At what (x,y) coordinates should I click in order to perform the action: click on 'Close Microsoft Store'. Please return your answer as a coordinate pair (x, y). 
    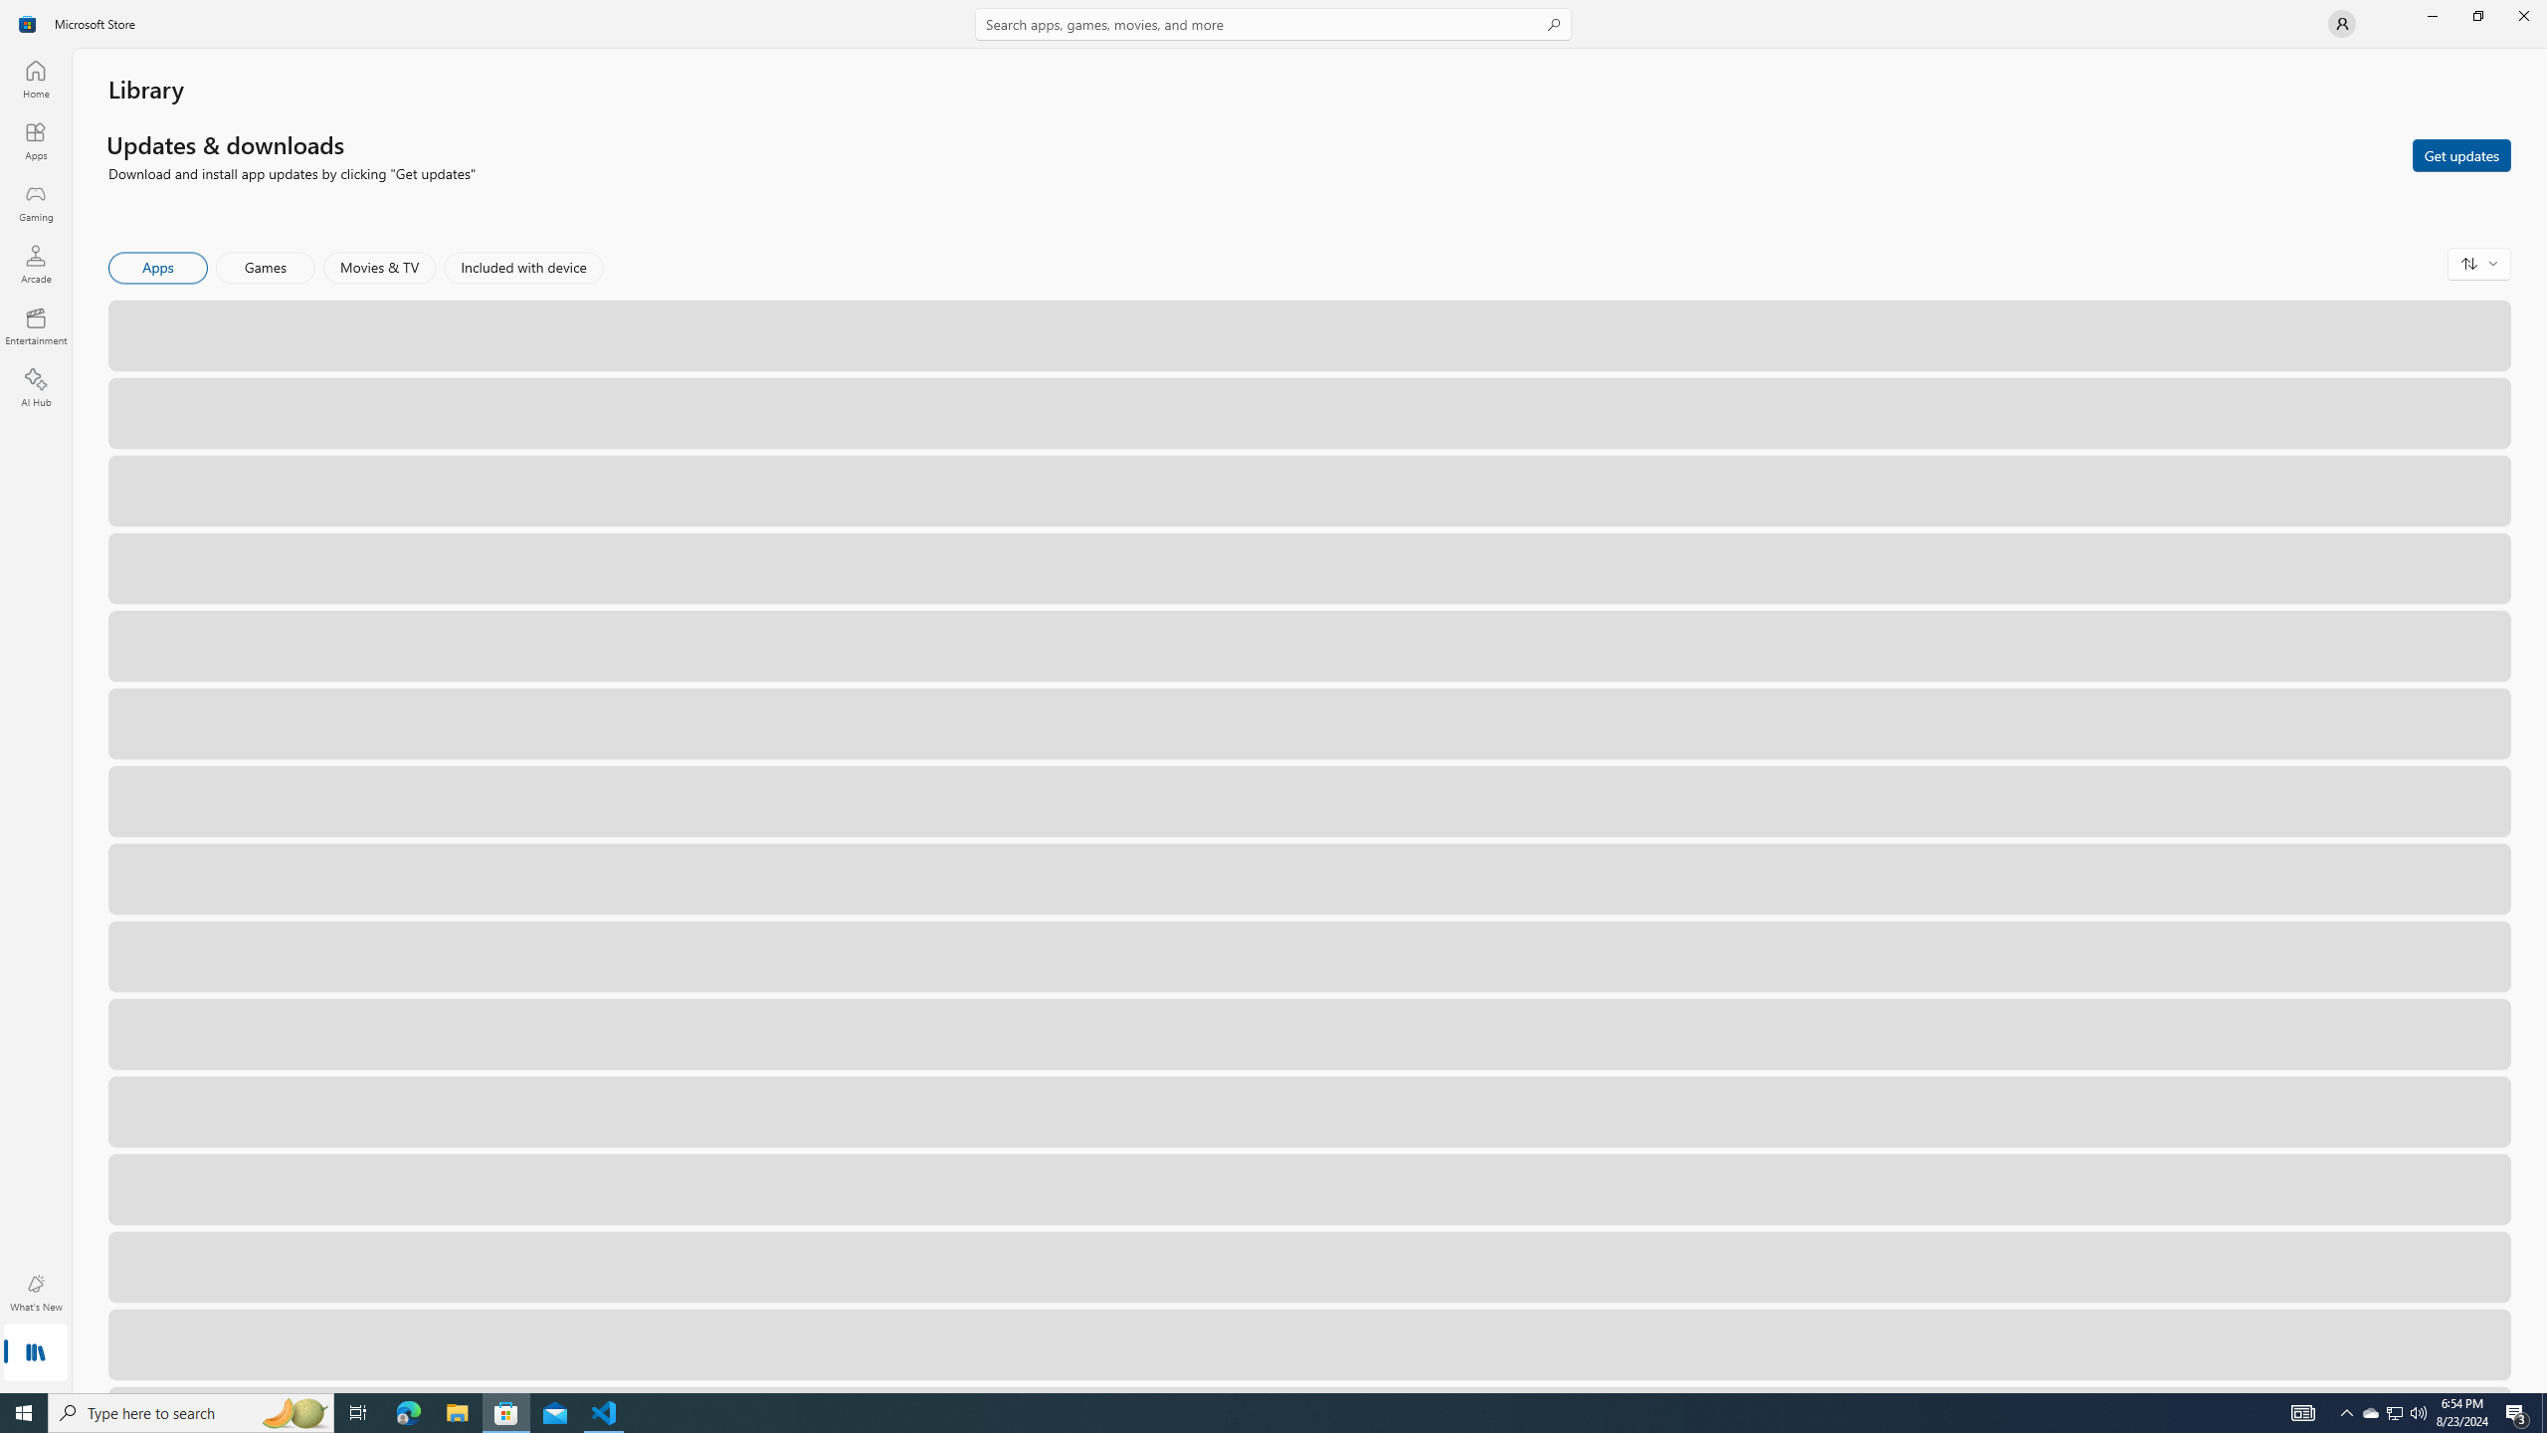
    Looking at the image, I should click on (2522, 15).